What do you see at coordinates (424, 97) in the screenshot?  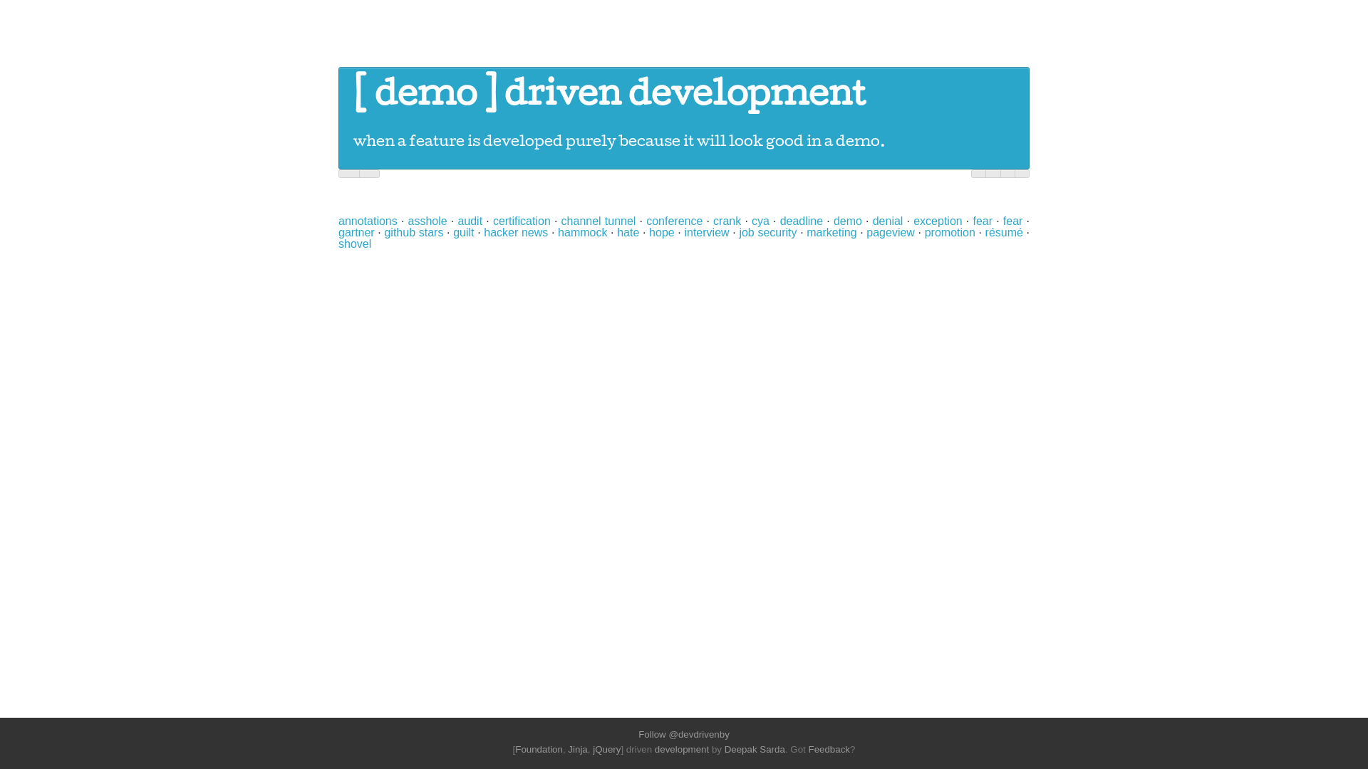 I see `'demo'` at bounding box center [424, 97].